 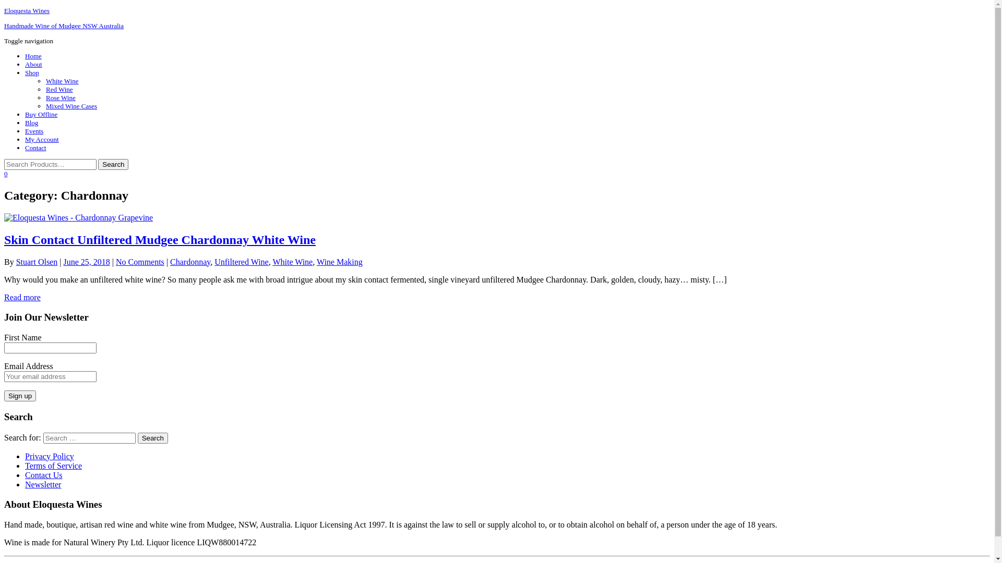 I want to click on 'Terms of Service', so click(x=53, y=464).